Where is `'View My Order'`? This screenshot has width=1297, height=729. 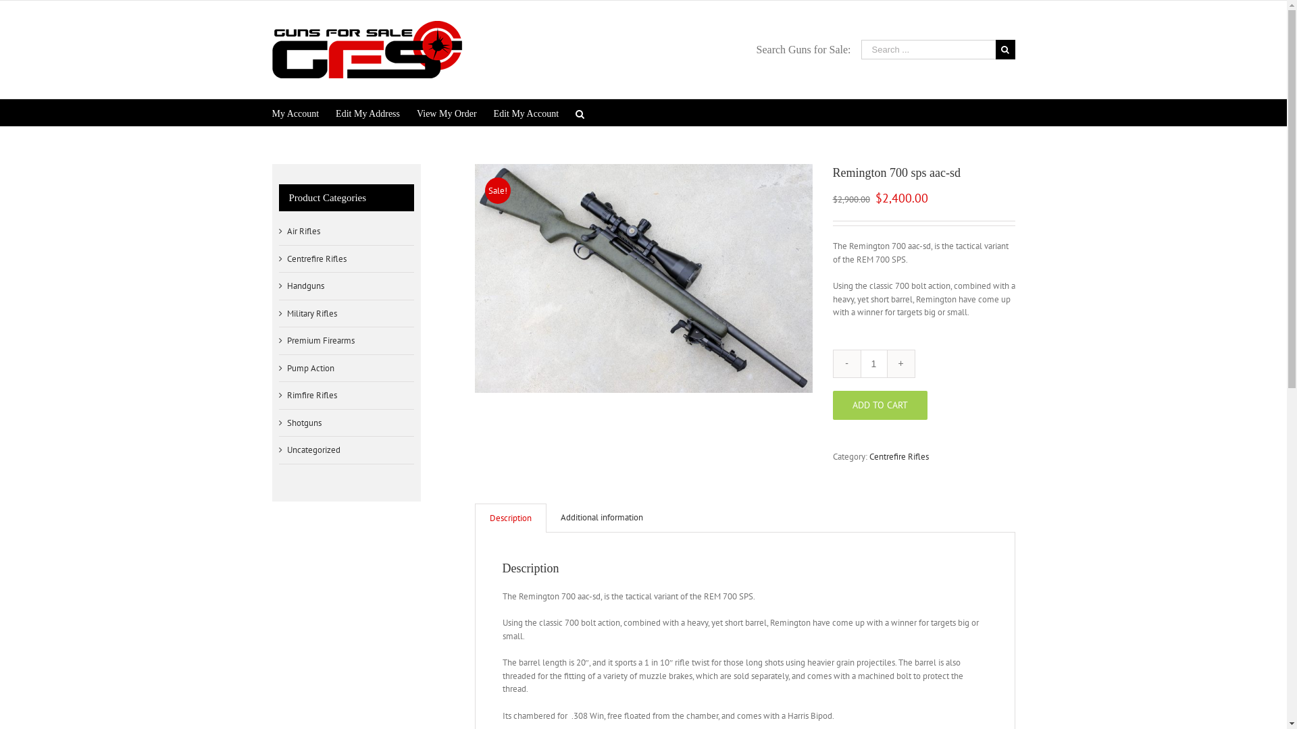
'View My Order' is located at coordinates (447, 111).